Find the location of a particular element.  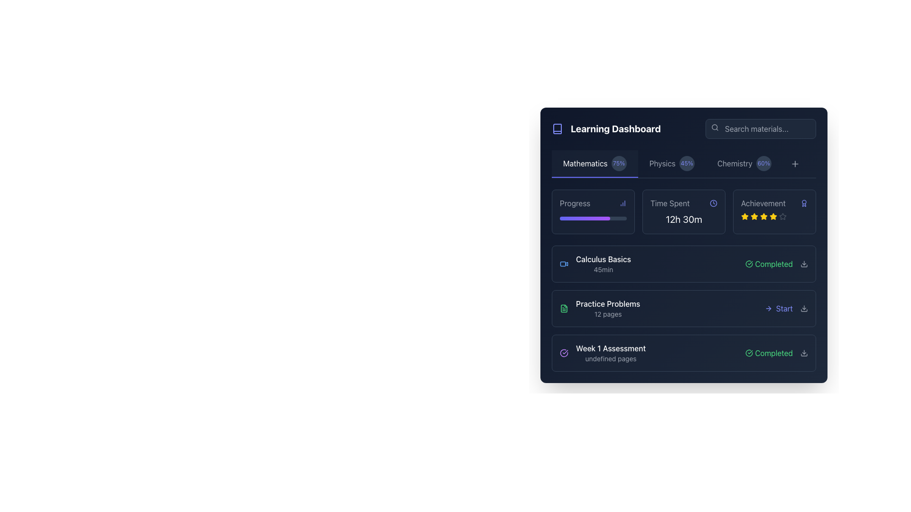

the progress percentage (60%) for the 'Chemistry' subject by interacting with the text label inside the circular progress indicator on the Learning Dashboard is located at coordinates (763, 163).